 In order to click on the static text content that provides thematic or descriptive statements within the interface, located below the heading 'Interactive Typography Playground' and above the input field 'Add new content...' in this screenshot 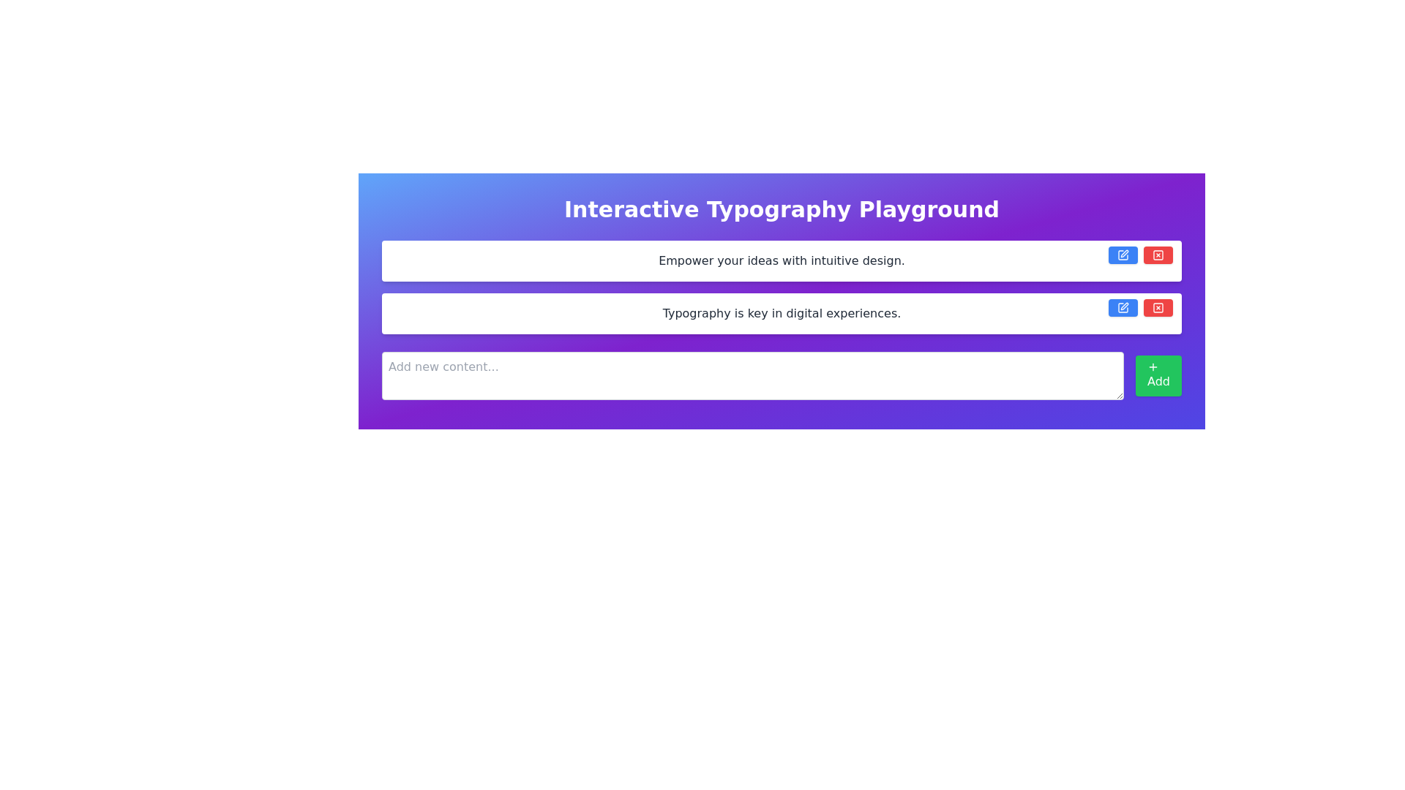, I will do `click(781, 312)`.